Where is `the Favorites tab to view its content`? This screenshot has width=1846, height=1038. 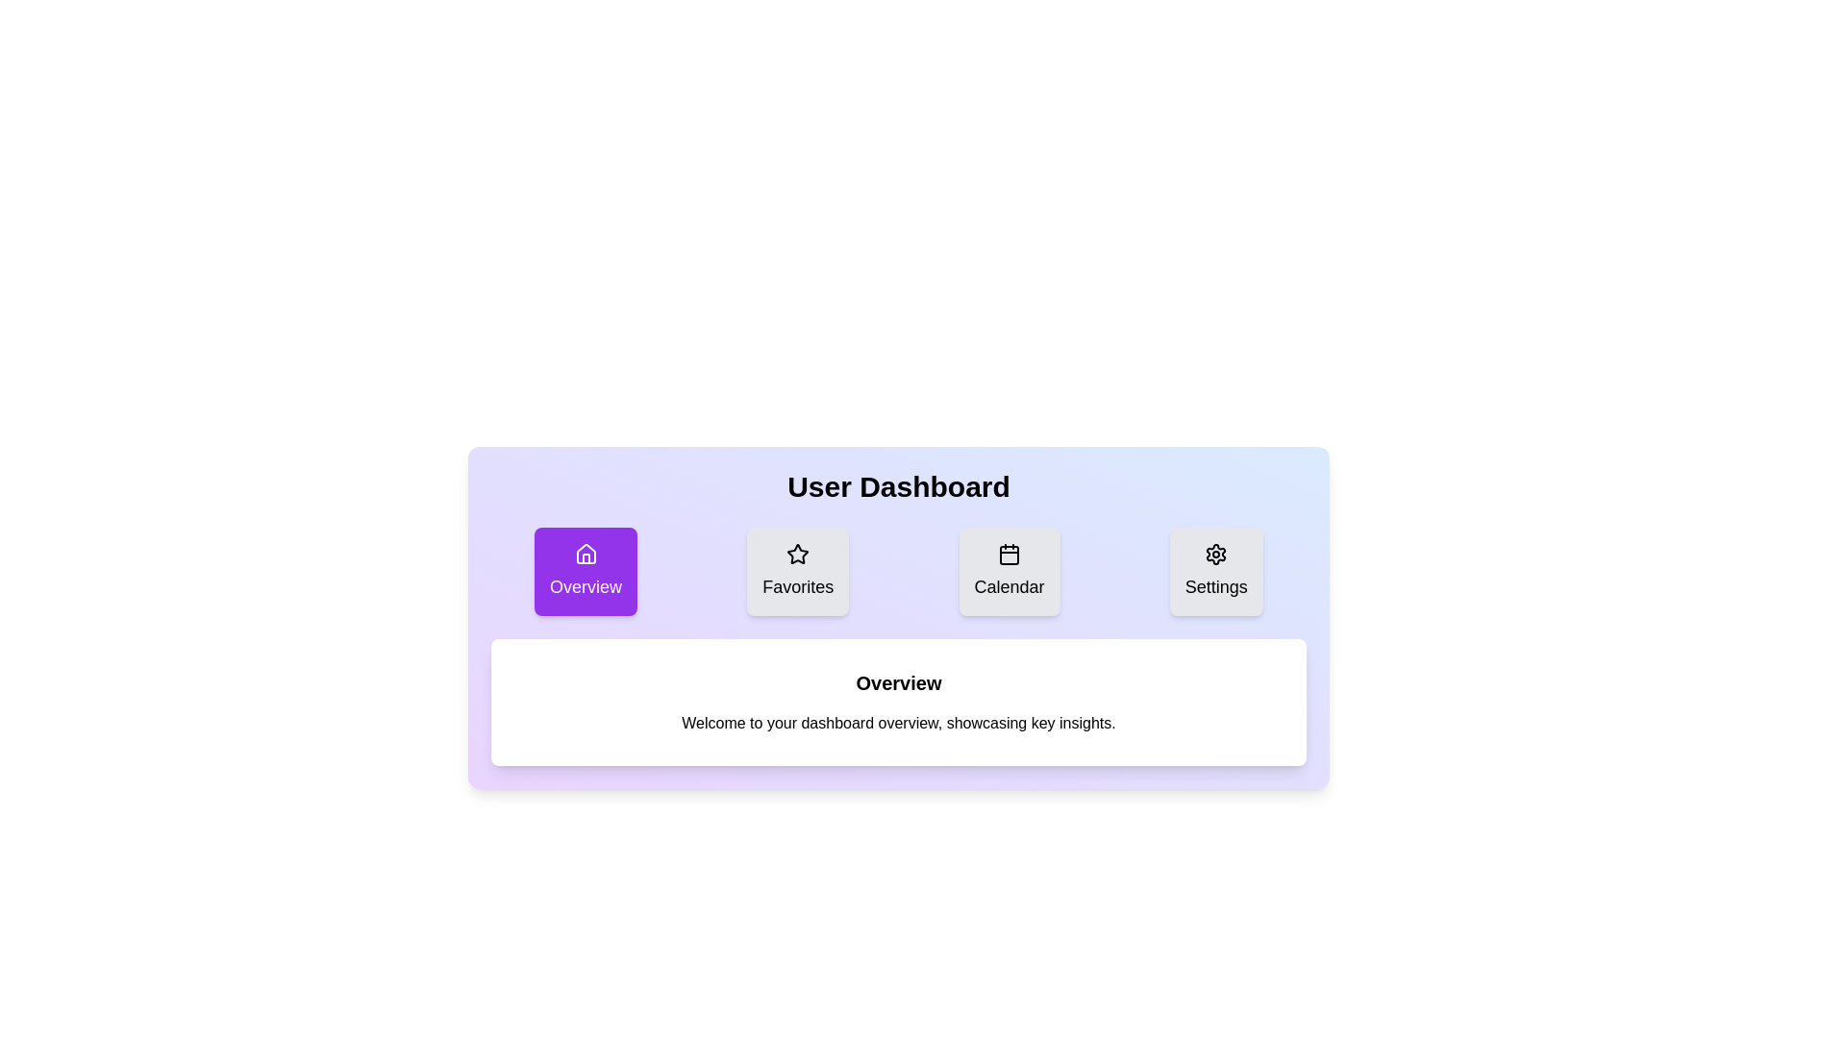 the Favorites tab to view its content is located at coordinates (798, 570).